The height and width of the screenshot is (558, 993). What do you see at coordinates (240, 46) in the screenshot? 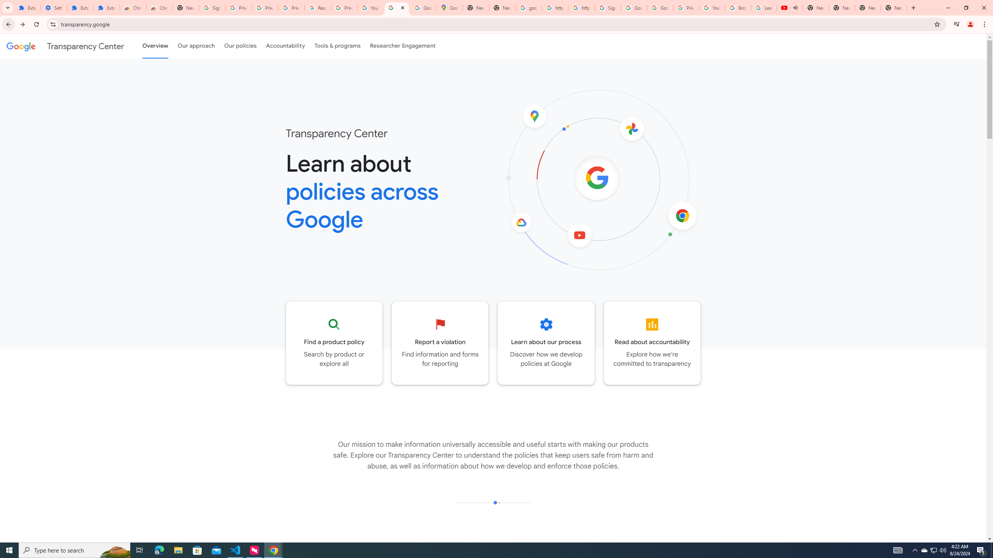
I see `'Our policies'` at bounding box center [240, 46].